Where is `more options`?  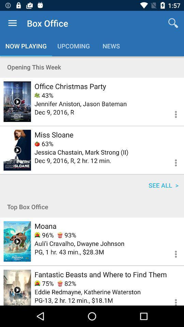
more options is located at coordinates (171, 162).